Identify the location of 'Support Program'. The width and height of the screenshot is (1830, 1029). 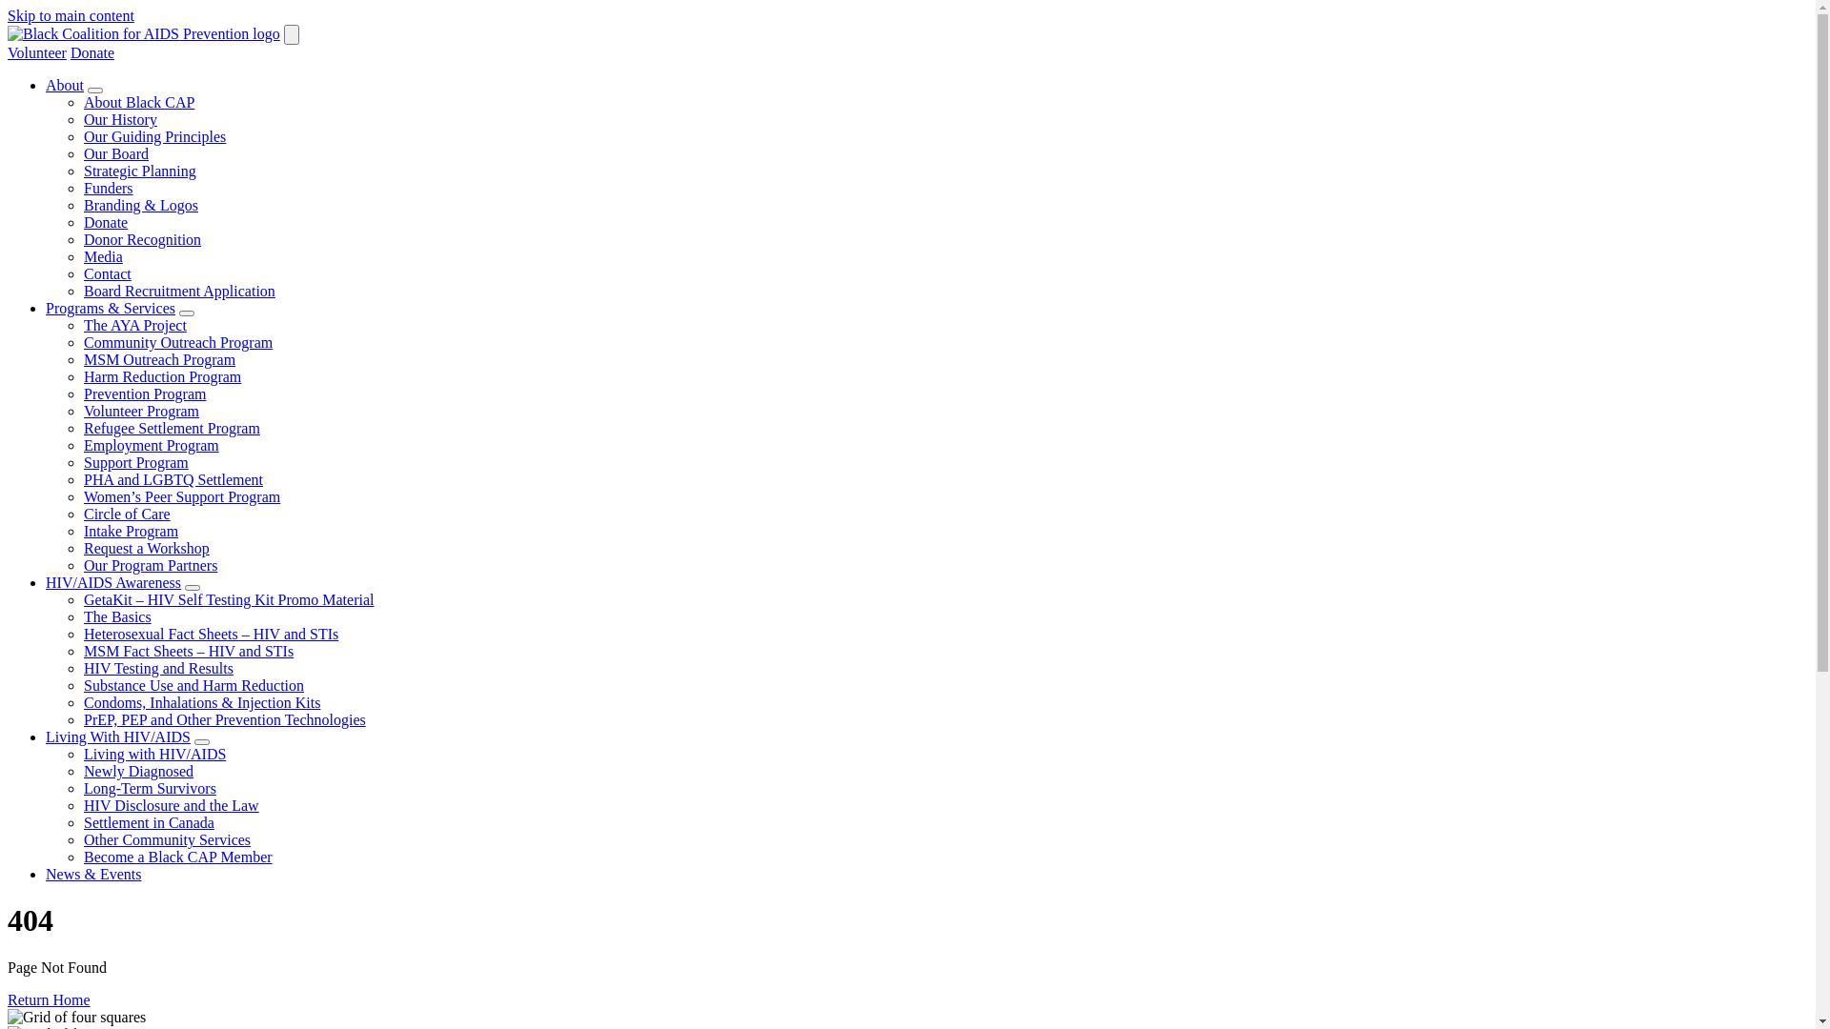
(135, 462).